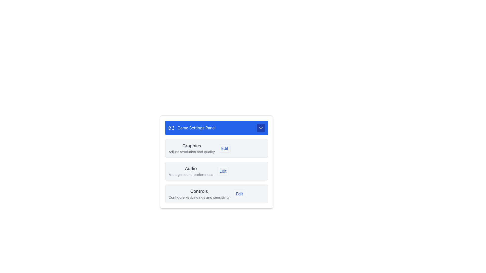 The width and height of the screenshot is (486, 273). Describe the element at coordinates (199, 191) in the screenshot. I see `the text label displaying the word 'Controls', which is styled in bold dark gray on a light gray background, located at the top of its group within the settings panel` at that location.